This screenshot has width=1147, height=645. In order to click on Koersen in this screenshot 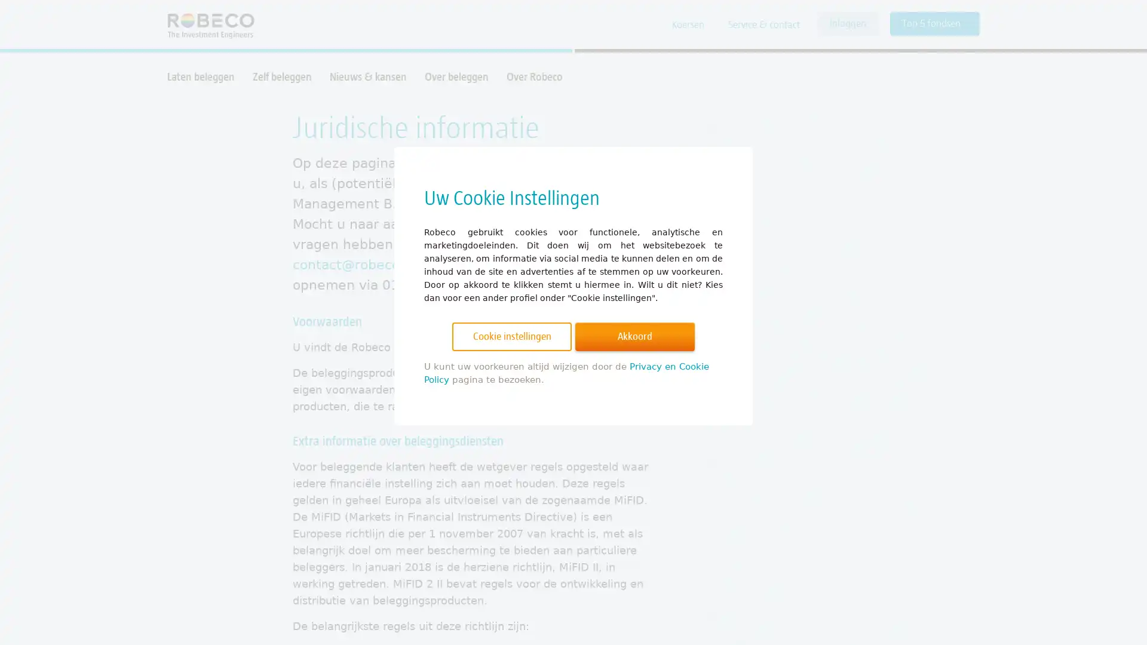, I will do `click(688, 25)`.